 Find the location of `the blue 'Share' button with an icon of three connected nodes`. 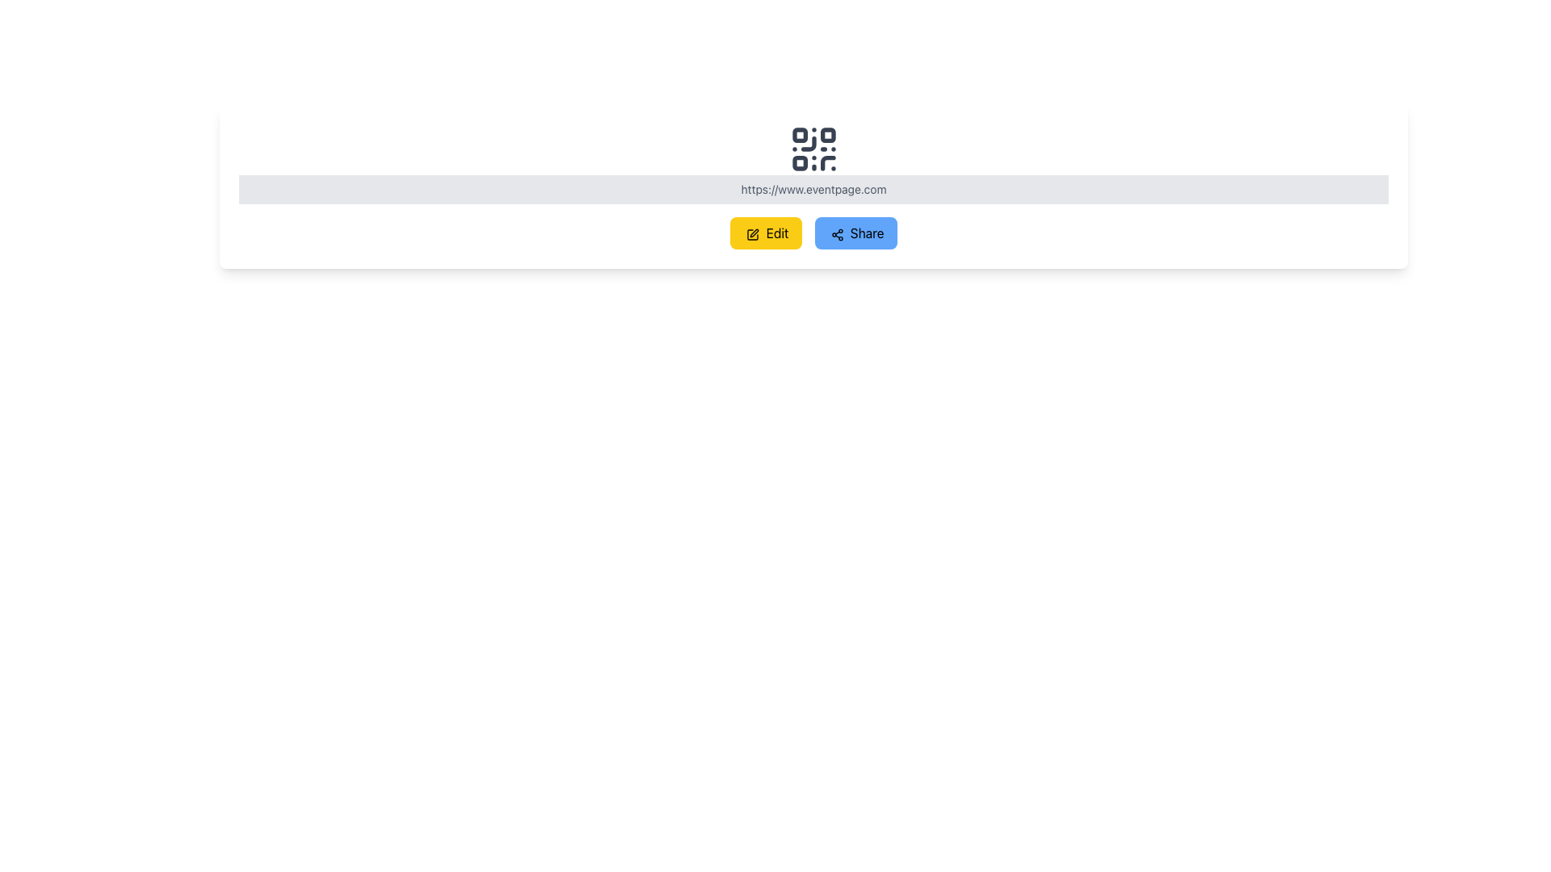

the blue 'Share' button with an icon of three connected nodes is located at coordinates (855, 233).